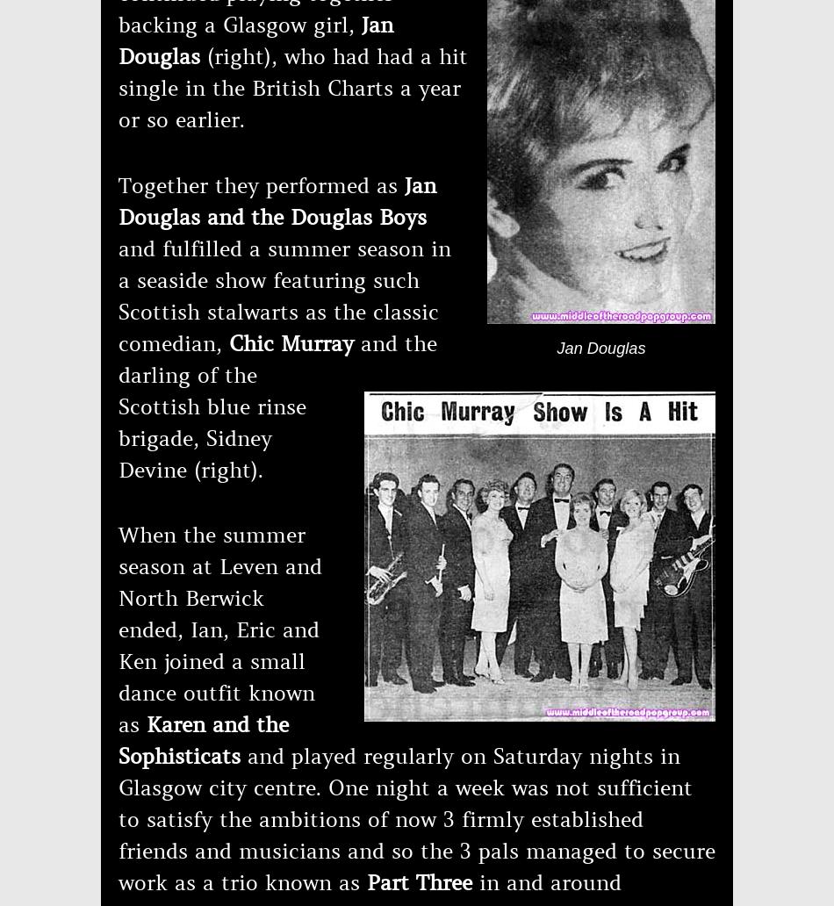 Image resolution: width=834 pixels, height=906 pixels. What do you see at coordinates (219, 629) in the screenshot?
I see `'When the summer season at Leven and North Berwick ended, Ian, Eric and Ken joined a small dance outfit known as'` at bounding box center [219, 629].